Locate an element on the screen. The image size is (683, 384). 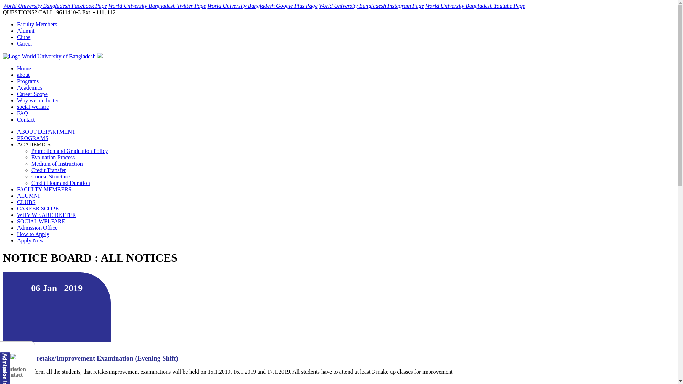
'Apply Now' is located at coordinates (30, 240).